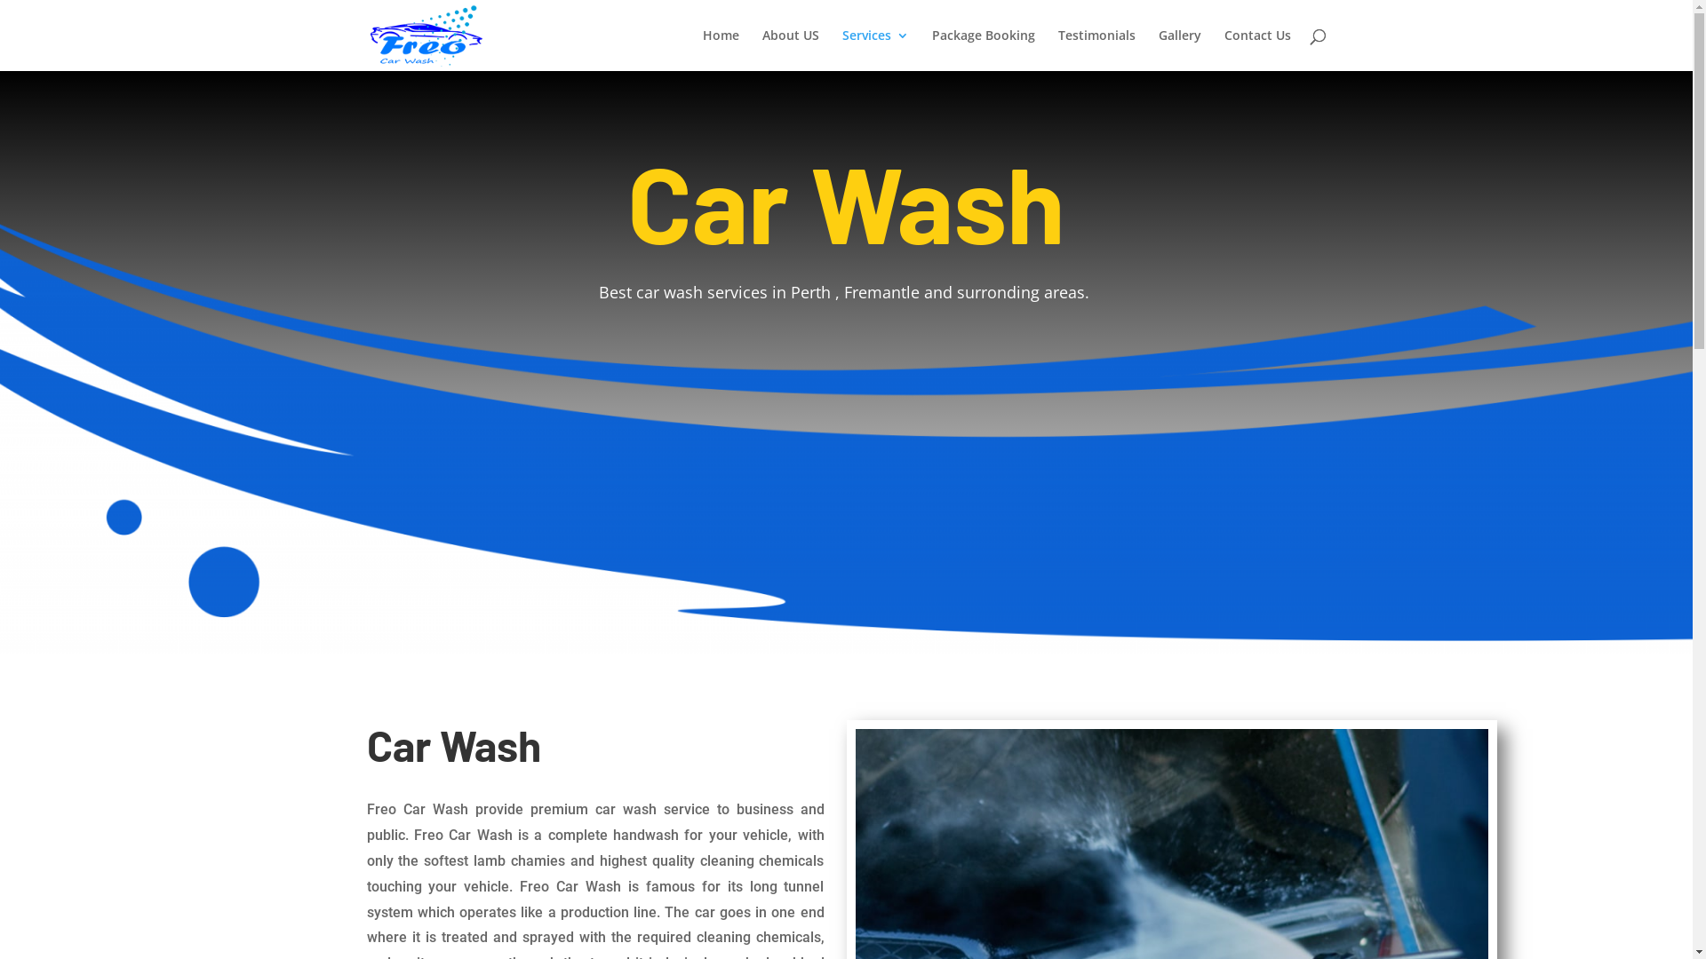 The height and width of the screenshot is (959, 1706). Describe the element at coordinates (1095, 49) in the screenshot. I see `'Testimonials'` at that location.